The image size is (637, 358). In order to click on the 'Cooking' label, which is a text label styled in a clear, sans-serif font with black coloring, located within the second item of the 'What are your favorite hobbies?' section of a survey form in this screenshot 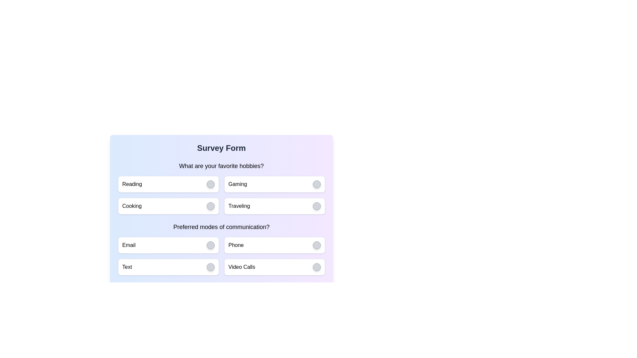, I will do `click(132, 206)`.